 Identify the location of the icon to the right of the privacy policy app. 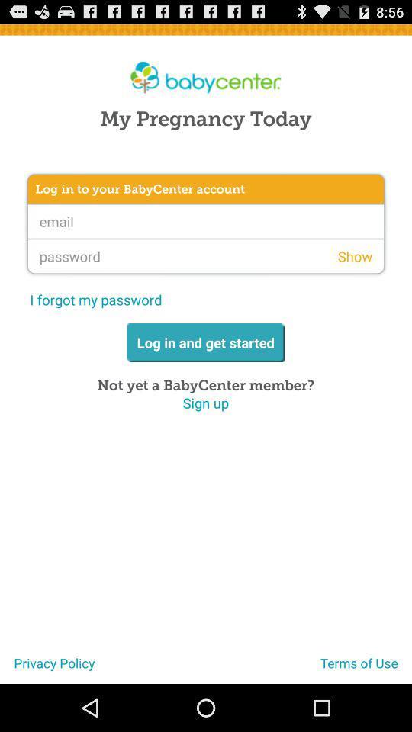
(365, 668).